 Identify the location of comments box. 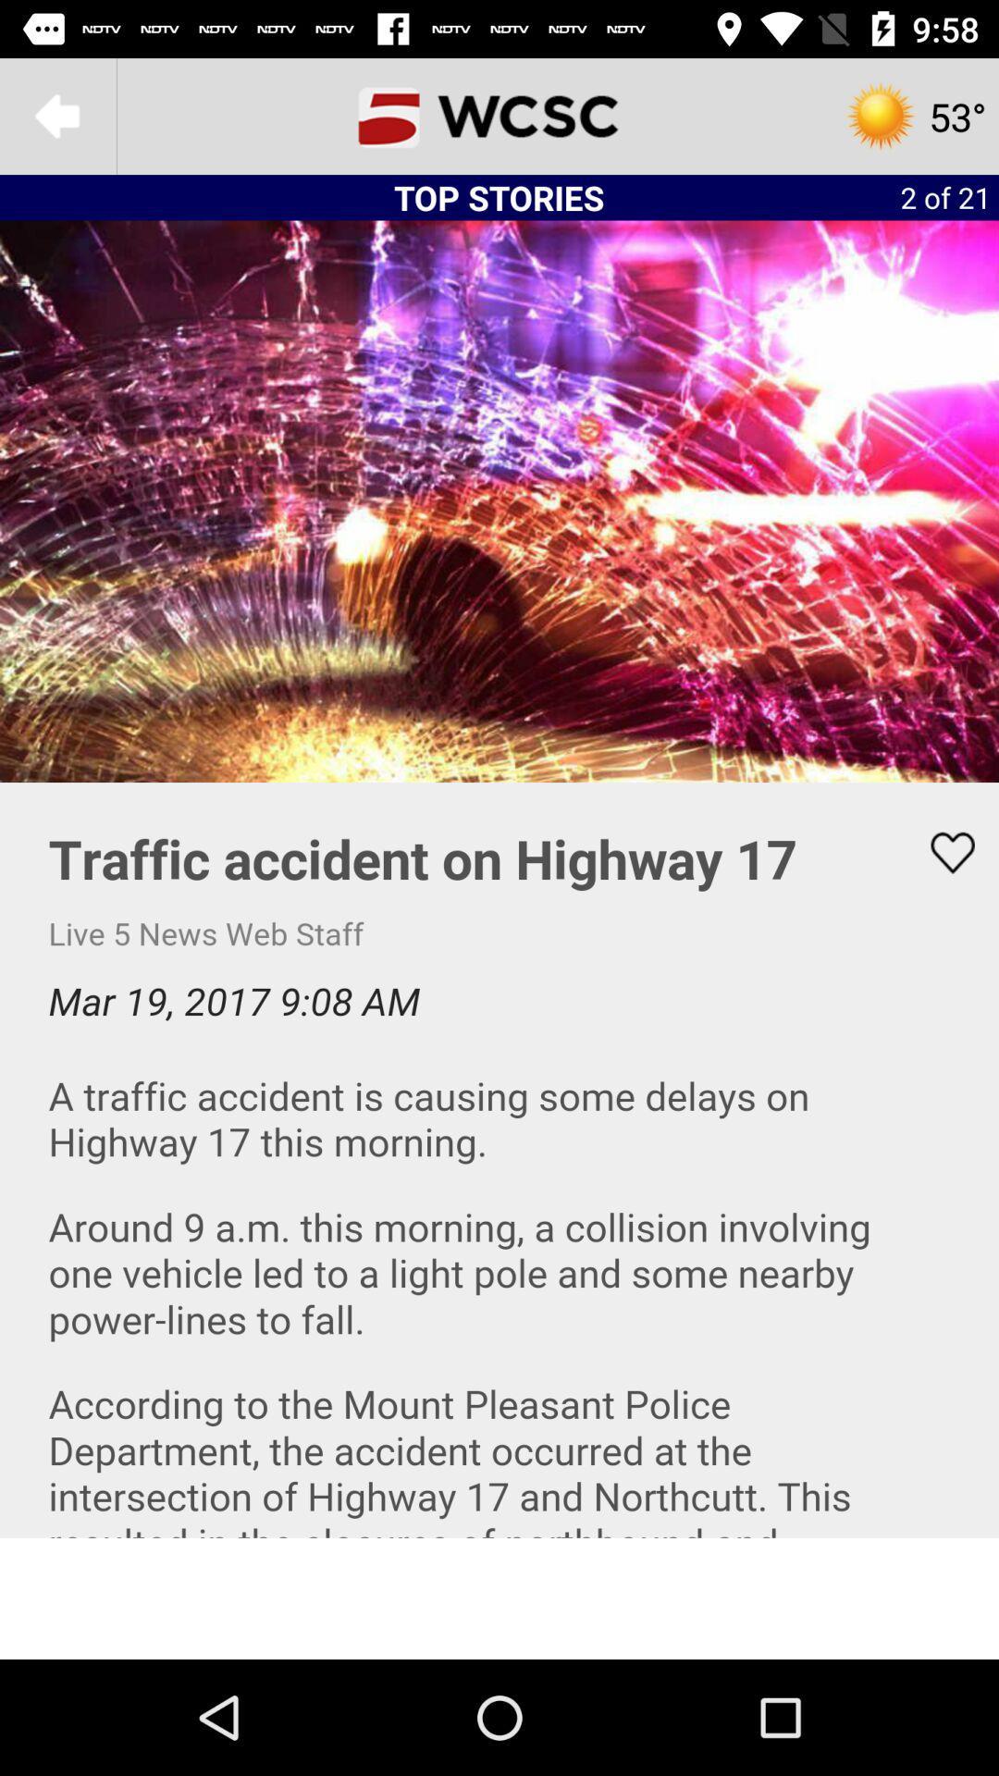
(499, 1159).